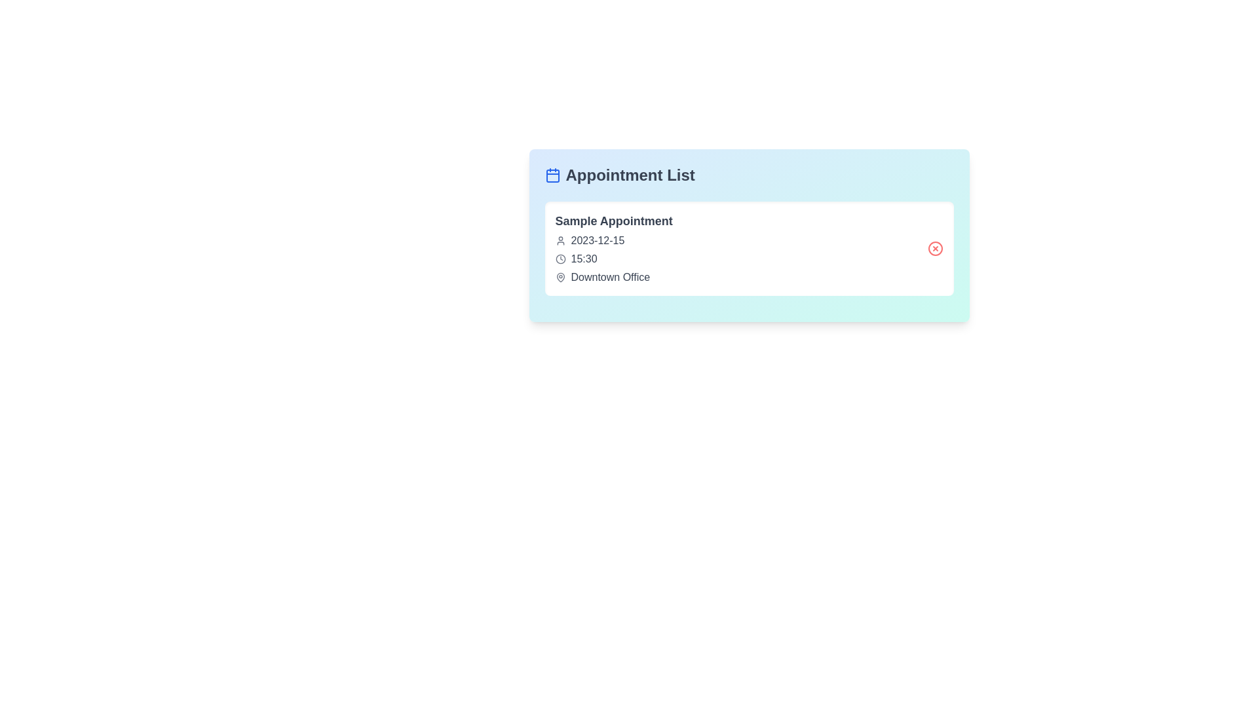 The width and height of the screenshot is (1258, 707). Describe the element at coordinates (934, 249) in the screenshot. I see `the SVG circle element, which is a circular outline styled with a thin stroke, located at the top-right corner of the card layout` at that location.